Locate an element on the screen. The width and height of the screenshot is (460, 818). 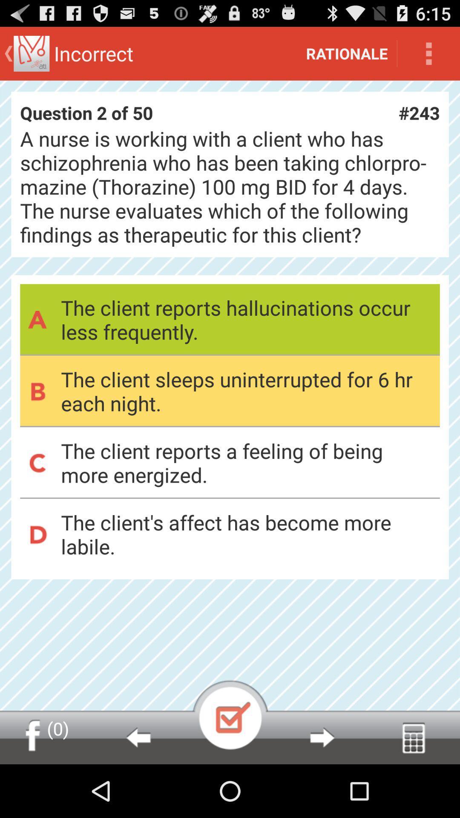
calculator option is located at coordinates (413, 737).